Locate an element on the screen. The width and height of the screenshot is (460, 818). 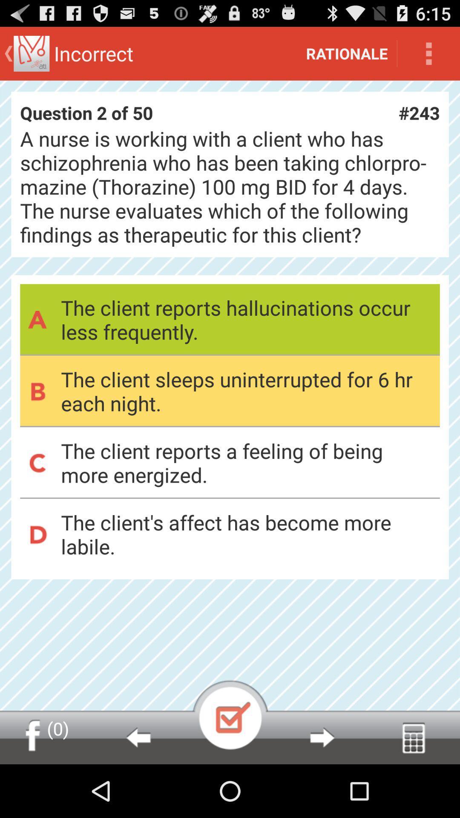
calculator option is located at coordinates (413, 737).